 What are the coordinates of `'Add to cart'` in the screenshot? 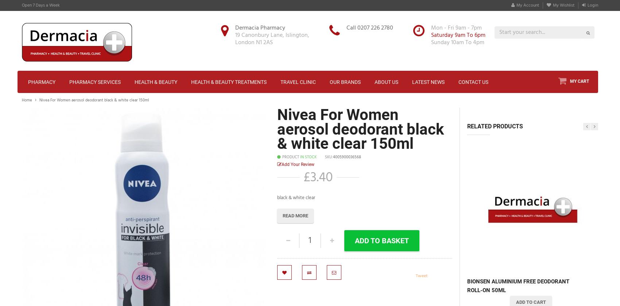 It's located at (530, 301).